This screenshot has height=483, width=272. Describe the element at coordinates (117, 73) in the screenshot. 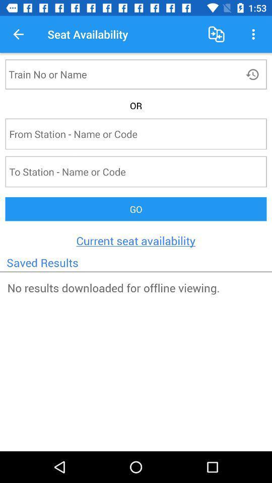

I see `click on name box` at that location.